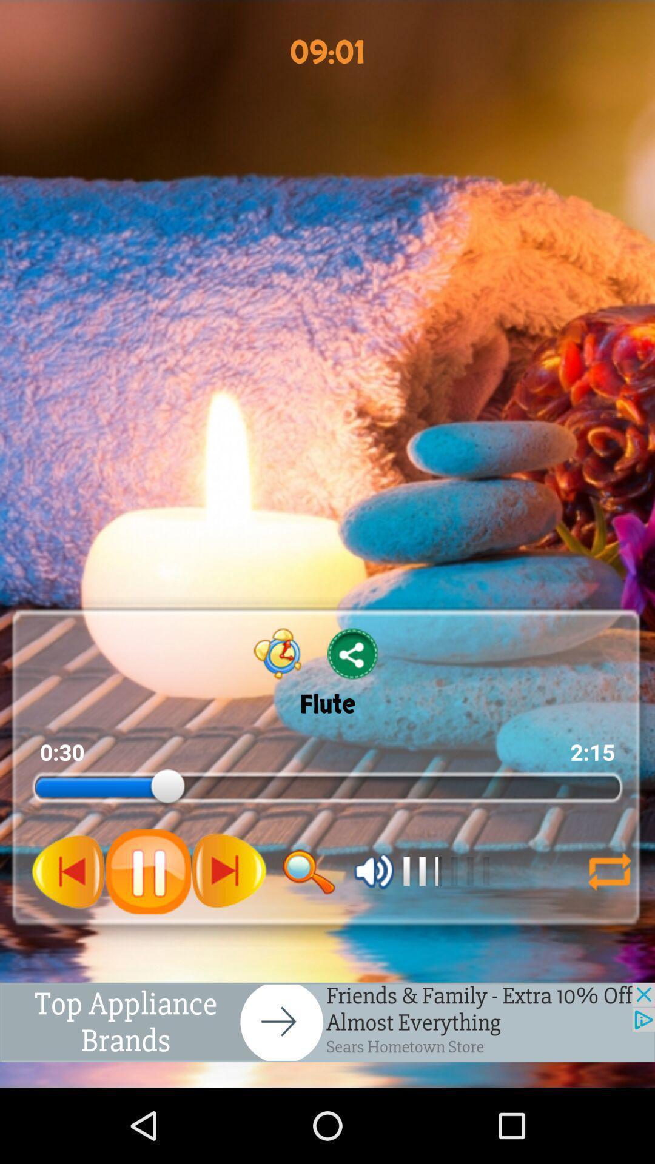 This screenshot has height=1164, width=655. I want to click on the share icon, so click(353, 700).